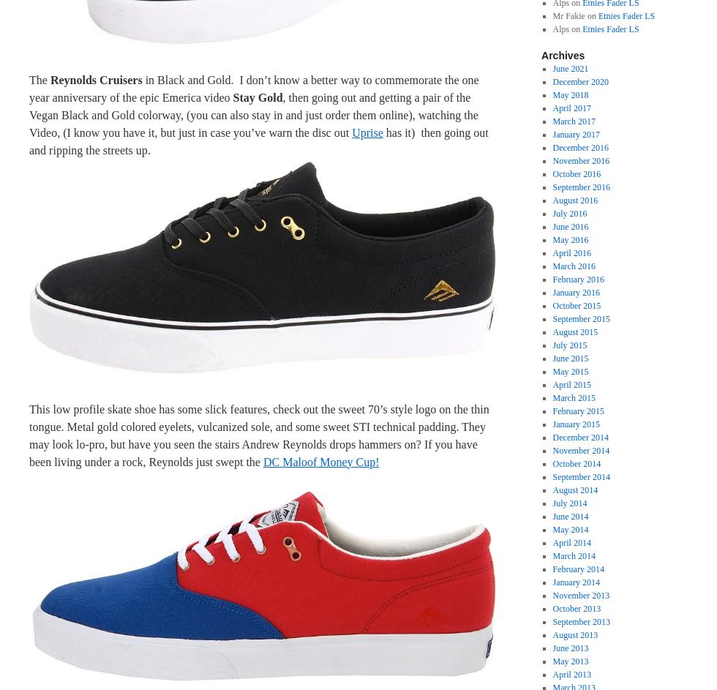  I want to click on 'March 2017', so click(552, 120).